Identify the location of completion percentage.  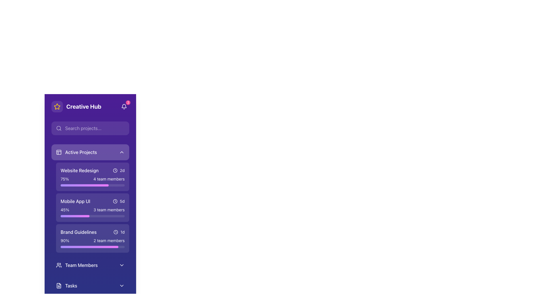
(96, 185).